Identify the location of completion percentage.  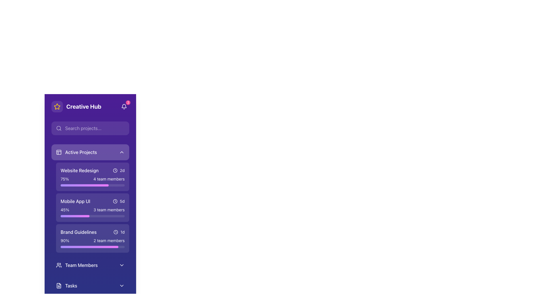
(96, 185).